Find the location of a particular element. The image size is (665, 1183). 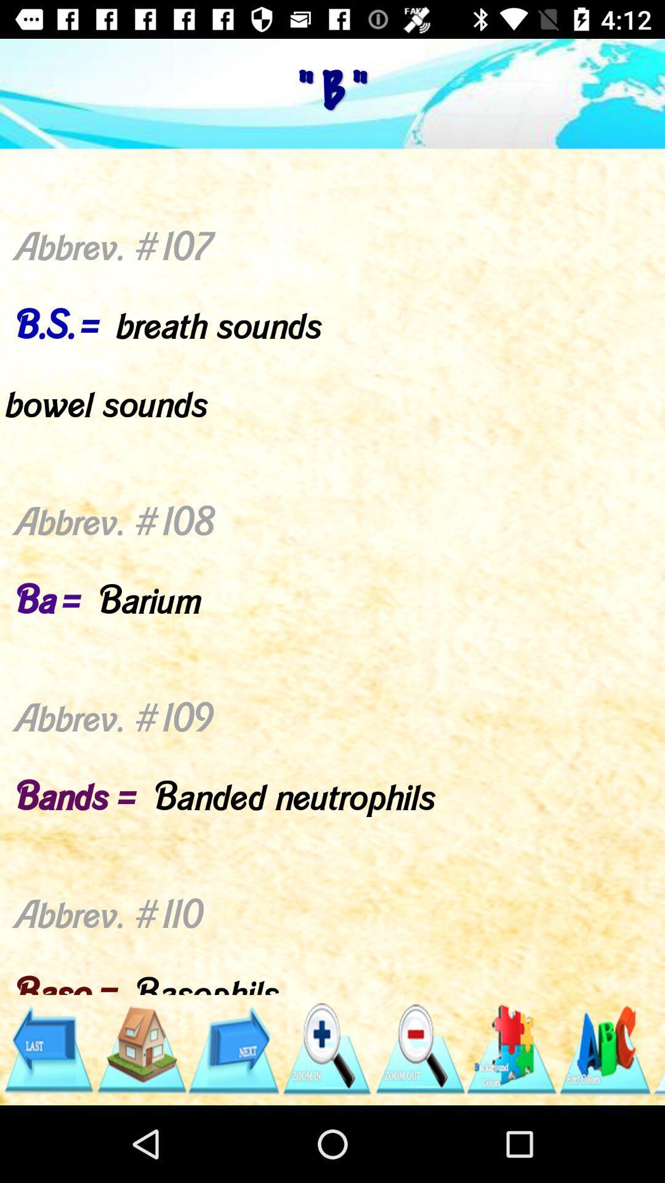

go back is located at coordinates (47, 1049).